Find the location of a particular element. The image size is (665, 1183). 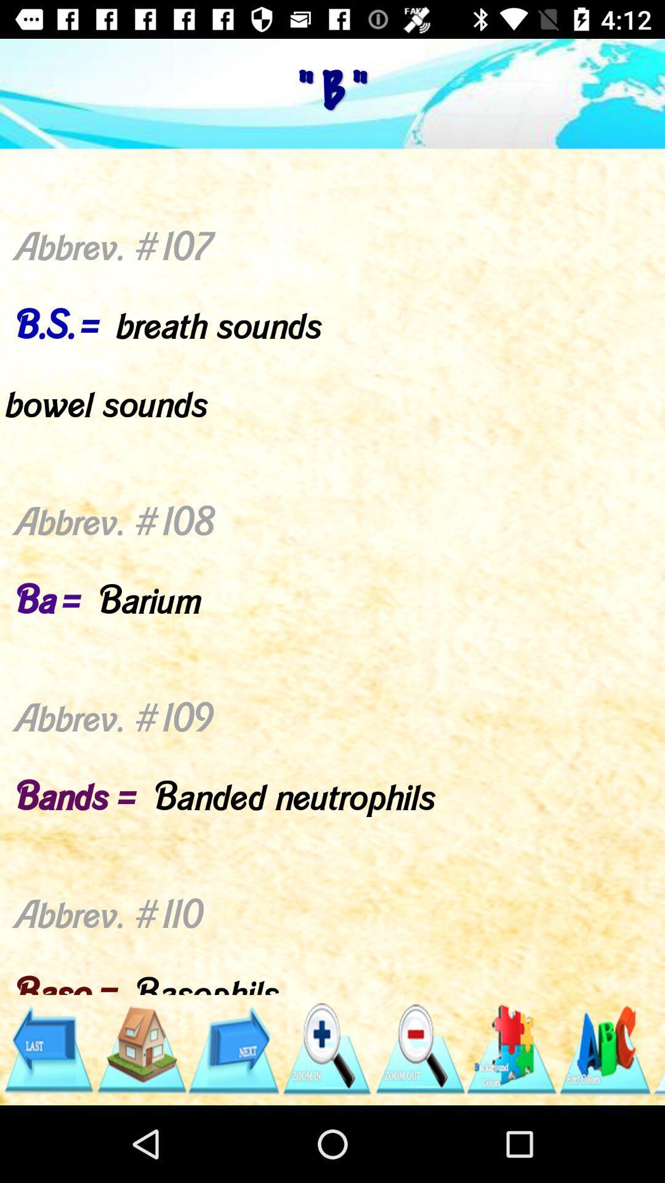

go back is located at coordinates (47, 1049).